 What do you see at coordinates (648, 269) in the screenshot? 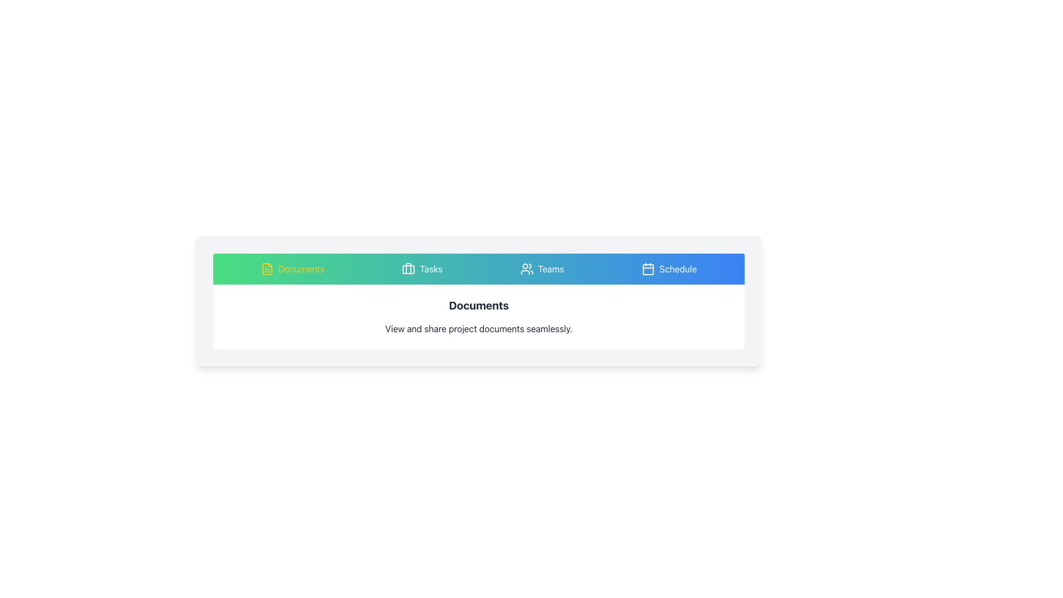
I see `the Schedule icon located on the far-right end of the horizontal navigation bar at the top of the card interface` at bounding box center [648, 269].